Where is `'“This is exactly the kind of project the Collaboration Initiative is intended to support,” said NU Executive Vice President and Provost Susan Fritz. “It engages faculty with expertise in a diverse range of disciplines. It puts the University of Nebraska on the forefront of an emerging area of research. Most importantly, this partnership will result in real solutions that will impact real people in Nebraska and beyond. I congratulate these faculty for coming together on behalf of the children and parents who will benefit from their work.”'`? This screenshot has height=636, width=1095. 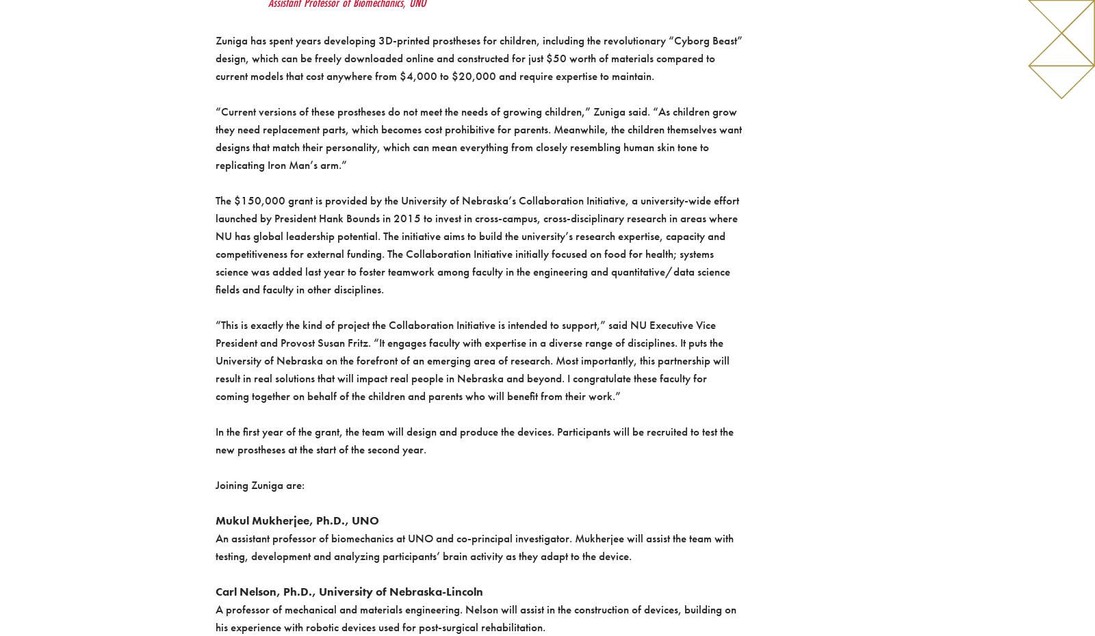 '“This is exactly the kind of project the Collaboration Initiative is intended to support,” said NU Executive Vice President and Provost Susan Fritz. “It engages faculty with expertise in a diverse range of disciplines. It puts the University of Nebraska on the forefront of an emerging area of research. Most importantly, this partnership will result in real solutions that will impact real people in Nebraska and beyond. I congratulate these faculty for coming together on behalf of the children and parents who will benefit from their work.”' is located at coordinates (472, 360).